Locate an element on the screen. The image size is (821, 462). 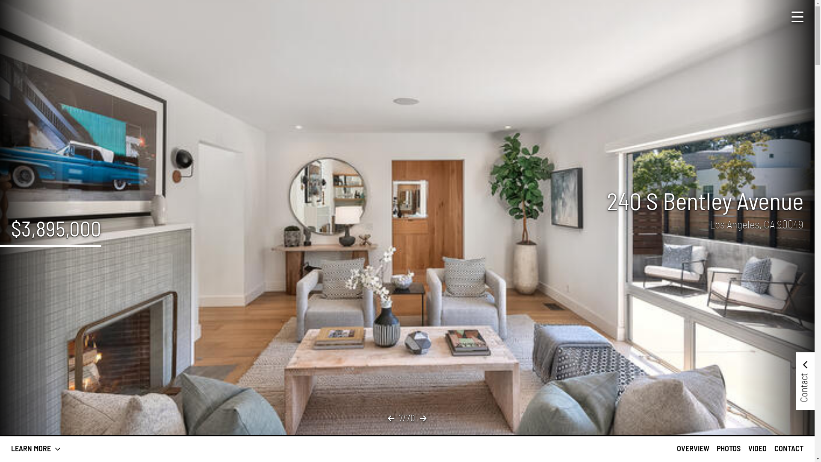
'CONTACT' is located at coordinates (788, 448).